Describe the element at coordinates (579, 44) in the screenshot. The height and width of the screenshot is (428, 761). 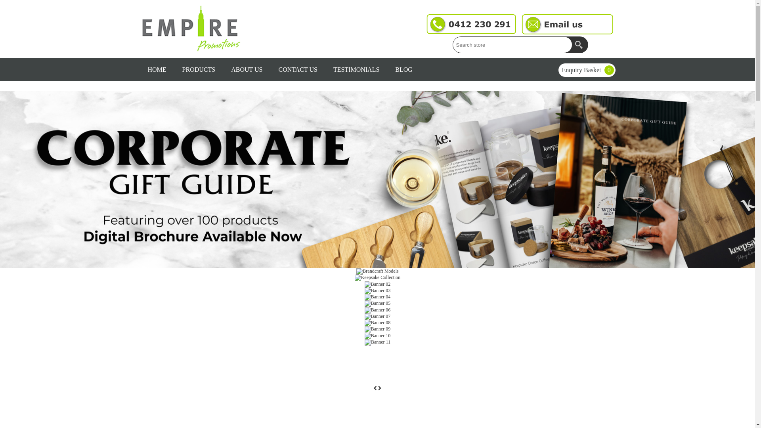
I see `'Search'` at that location.